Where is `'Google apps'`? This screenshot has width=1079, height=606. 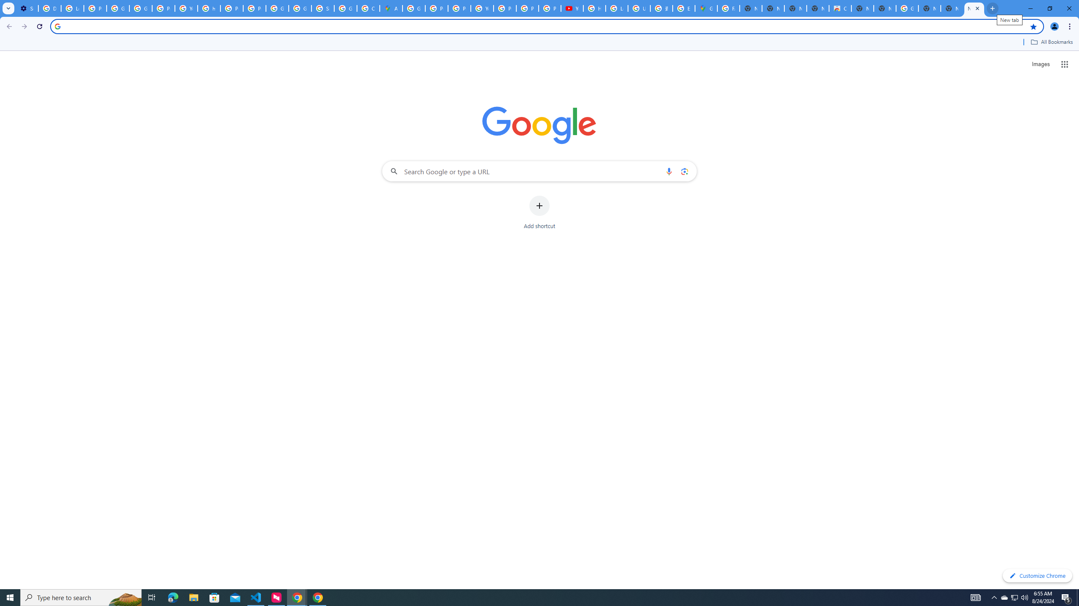
'Google apps' is located at coordinates (1065, 64).